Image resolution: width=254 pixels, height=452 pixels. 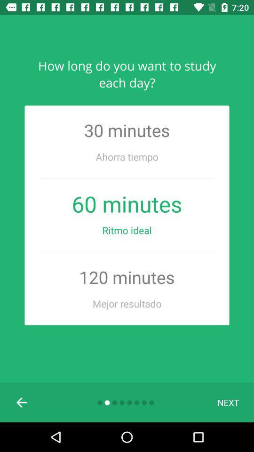 What do you see at coordinates (228, 402) in the screenshot?
I see `the next icon` at bounding box center [228, 402].